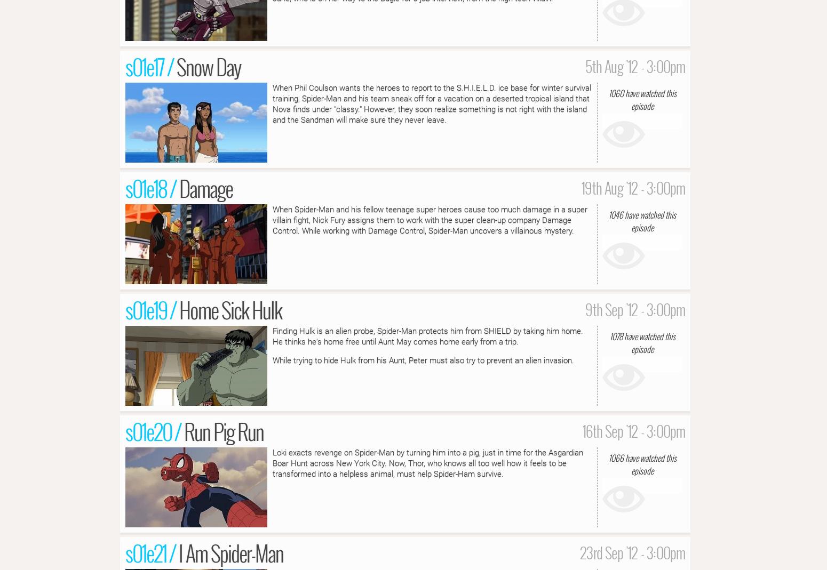  What do you see at coordinates (224, 430) in the screenshot?
I see `'Run Pig Run'` at bounding box center [224, 430].